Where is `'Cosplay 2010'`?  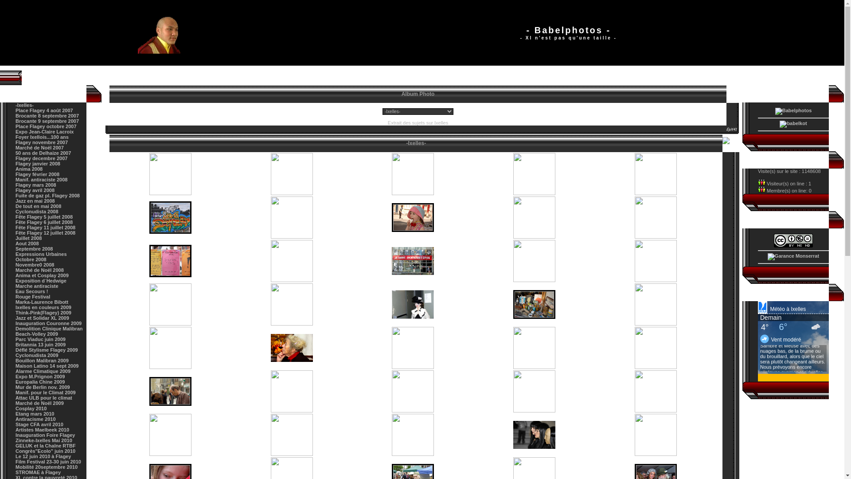
'Cosplay 2010' is located at coordinates (15, 408).